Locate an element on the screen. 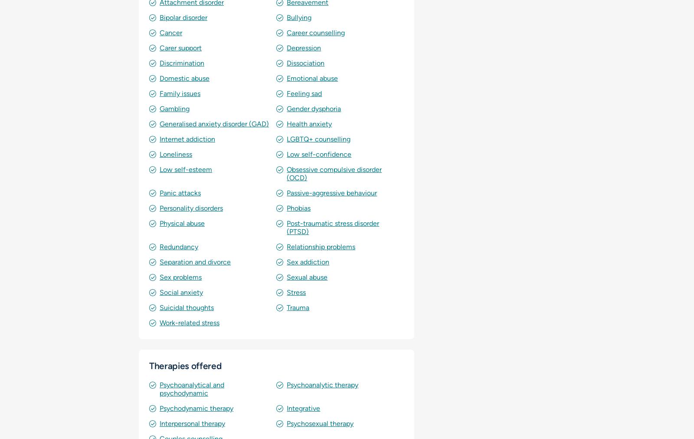 The image size is (694, 439). 'Passive-aggressive behaviour' is located at coordinates (331, 192).